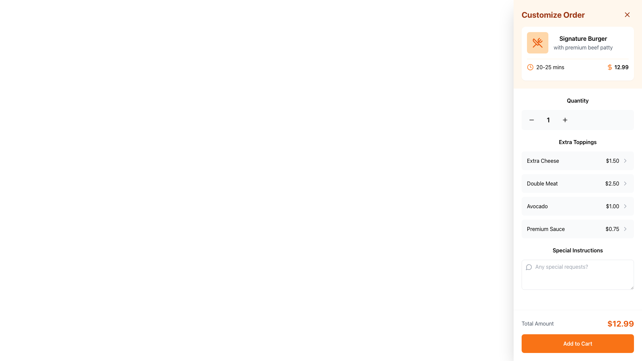  Describe the element at coordinates (538, 42) in the screenshot. I see `the Decorative icon, which is a square-shaped icon with soft rounded edges, light orange color, and a crossed fork and knife icon in darker orange, located at the top of the right-hand sidebar for the 'Signature Burger' order customization` at that location.